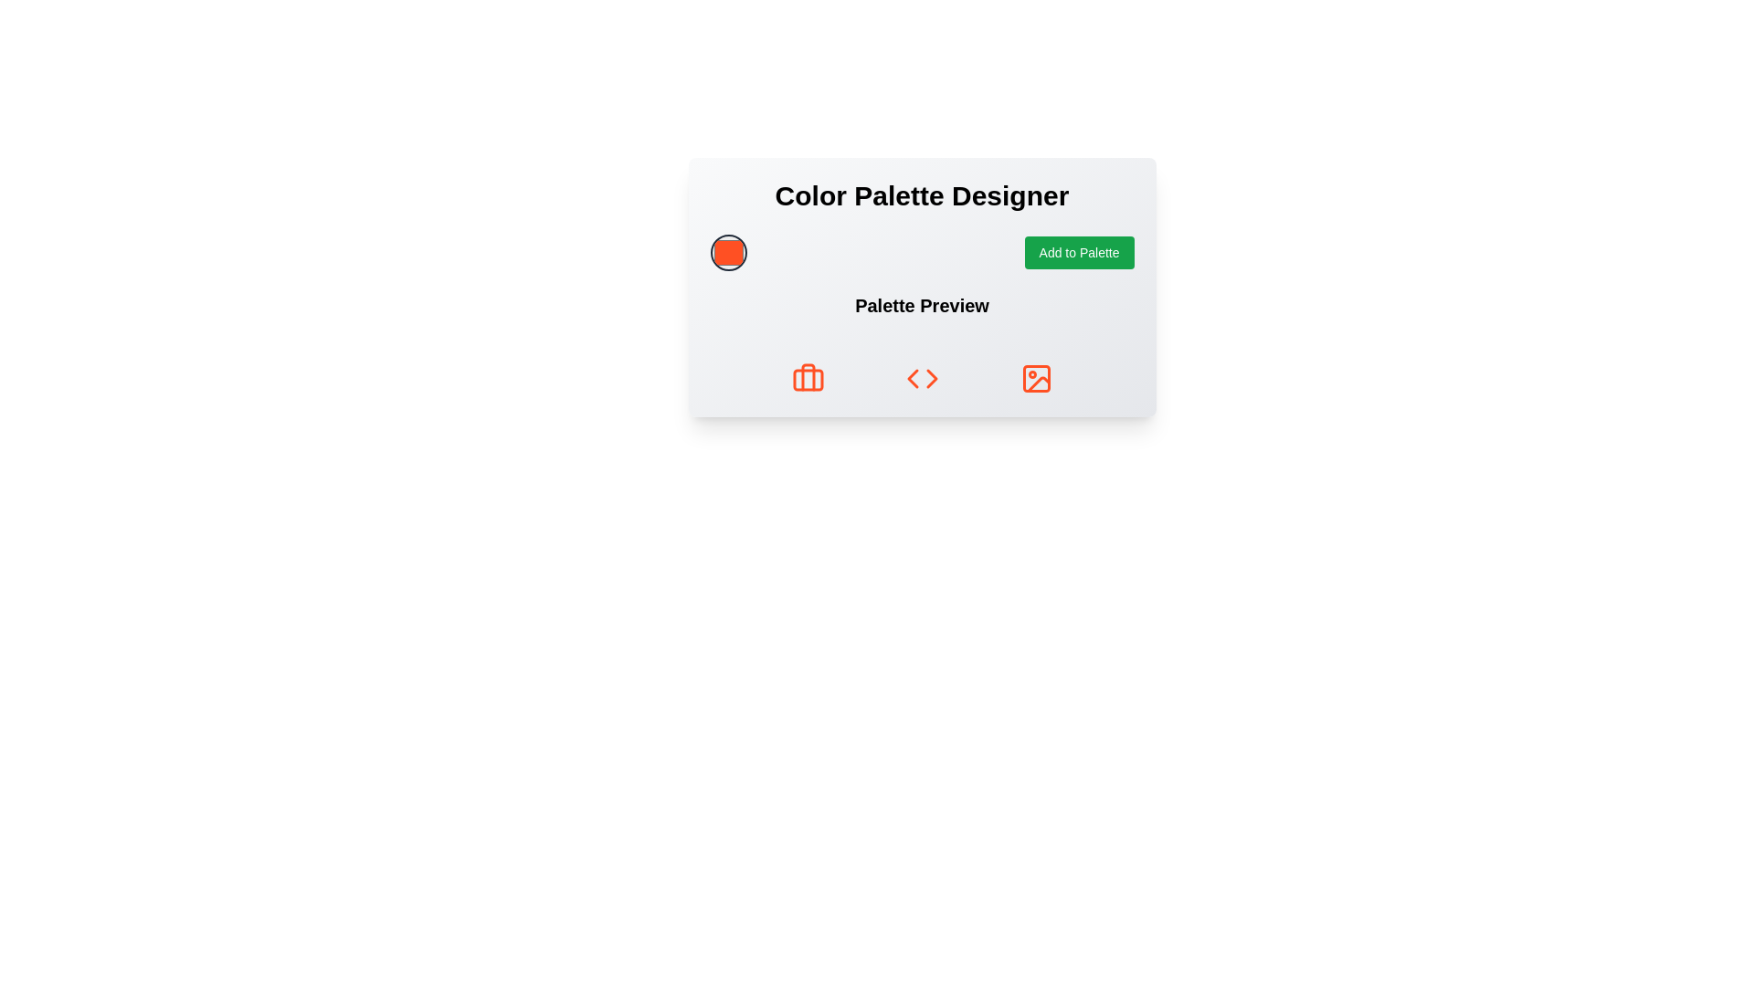 Image resolution: width=1754 pixels, height=986 pixels. What do you see at coordinates (922, 378) in the screenshot?
I see `the central icon button in the 'Palette Preview' card` at bounding box center [922, 378].